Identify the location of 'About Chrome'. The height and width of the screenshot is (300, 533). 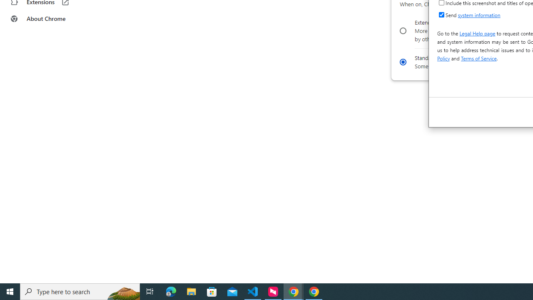
(51, 19).